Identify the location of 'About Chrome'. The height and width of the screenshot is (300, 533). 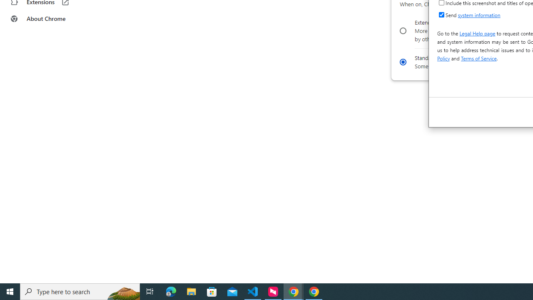
(51, 19).